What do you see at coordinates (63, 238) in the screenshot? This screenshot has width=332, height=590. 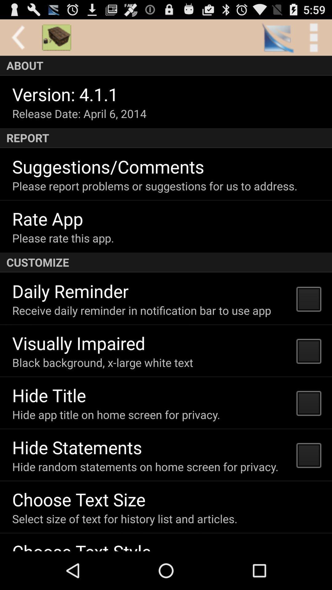 I see `the please rate this icon` at bounding box center [63, 238].